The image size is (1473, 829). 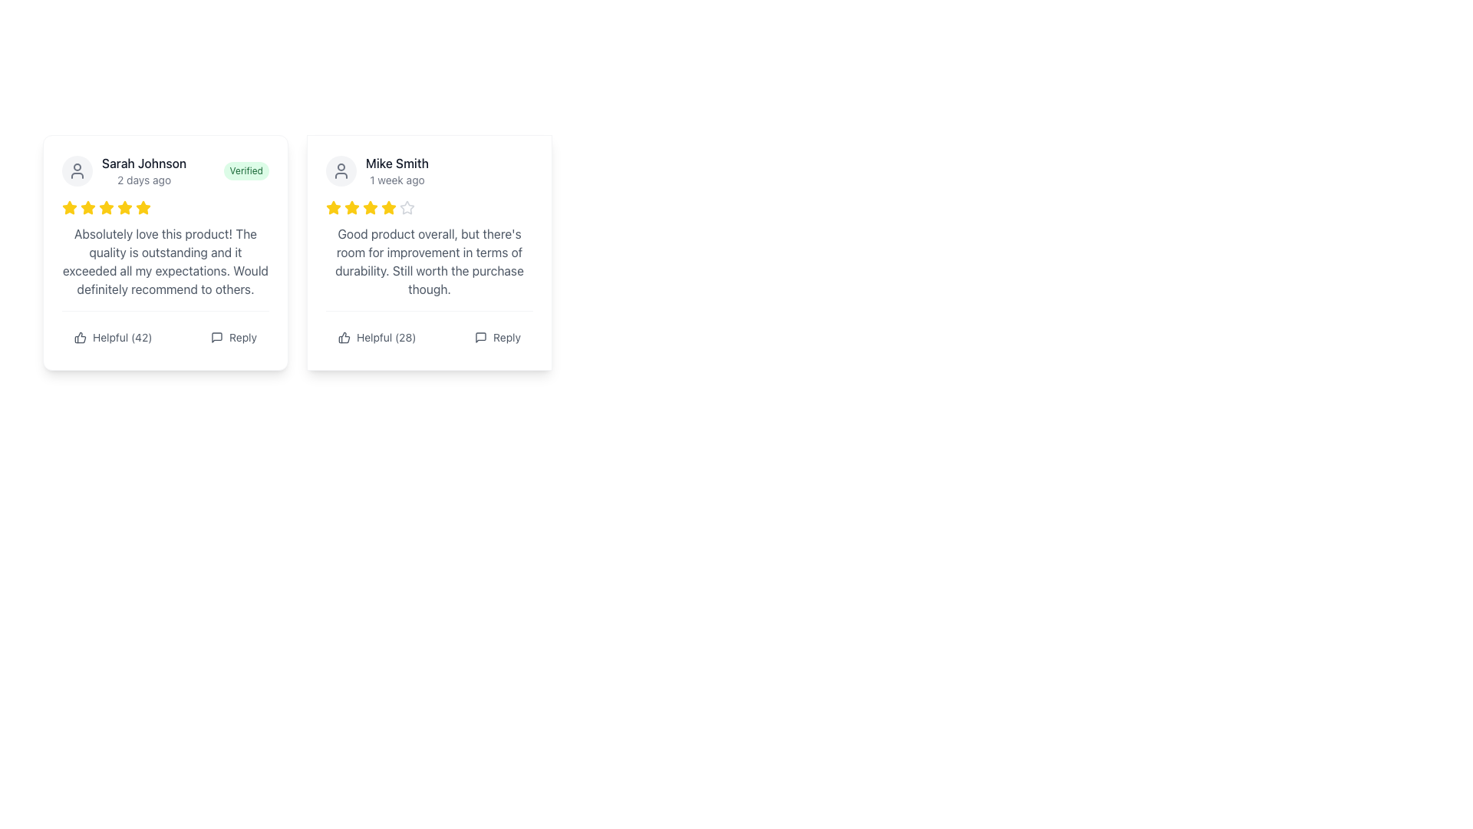 What do you see at coordinates (87, 207) in the screenshot?
I see `the yellow star icon, which is the first star in a row of five, located in the top portion of the left card containing the review from 'Sarah Johnson'` at bounding box center [87, 207].